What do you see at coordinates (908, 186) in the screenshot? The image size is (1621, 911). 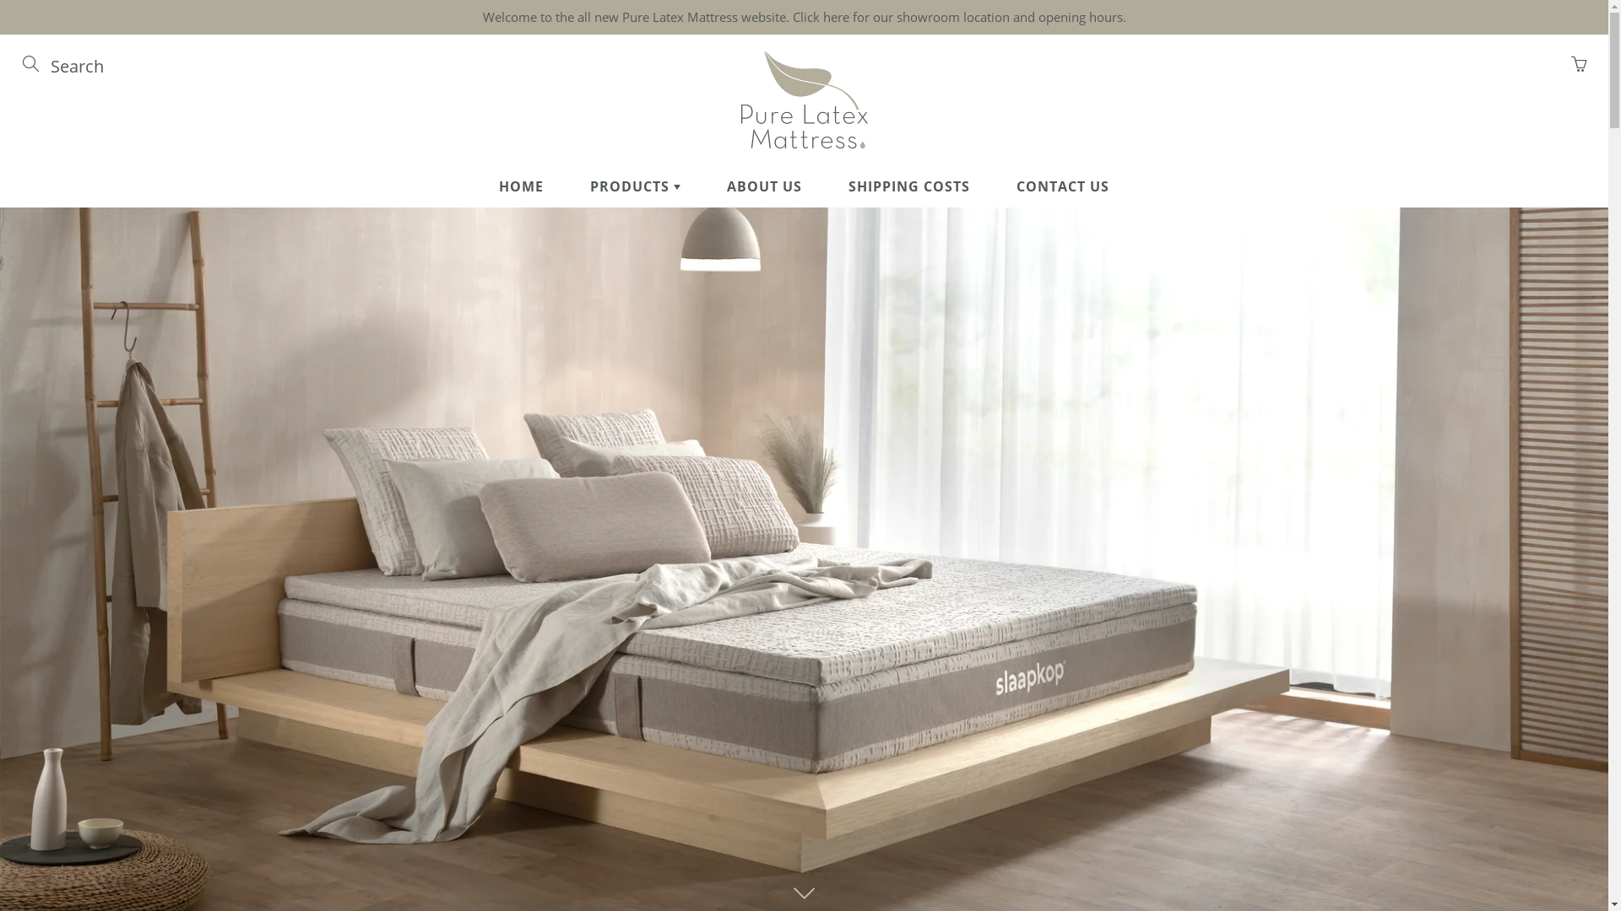 I see `'SHIPPING COSTS'` at bounding box center [908, 186].